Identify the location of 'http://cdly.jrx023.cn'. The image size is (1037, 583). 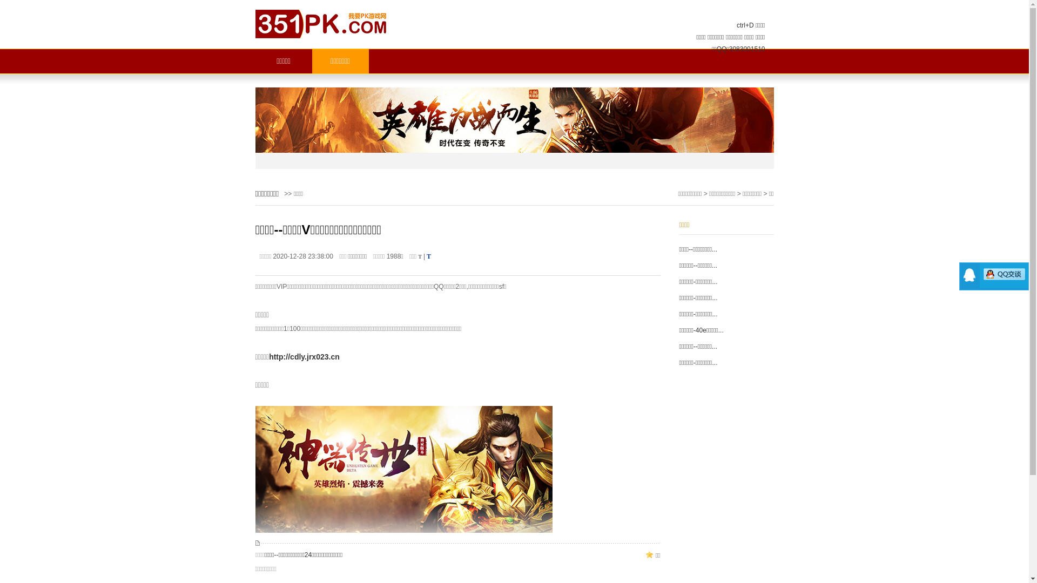
(304, 356).